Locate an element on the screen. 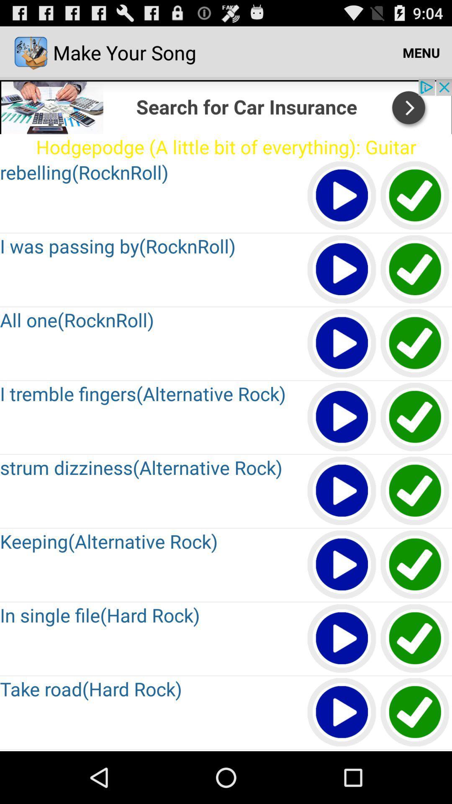 The image size is (452, 804). share is located at coordinates (226, 106).